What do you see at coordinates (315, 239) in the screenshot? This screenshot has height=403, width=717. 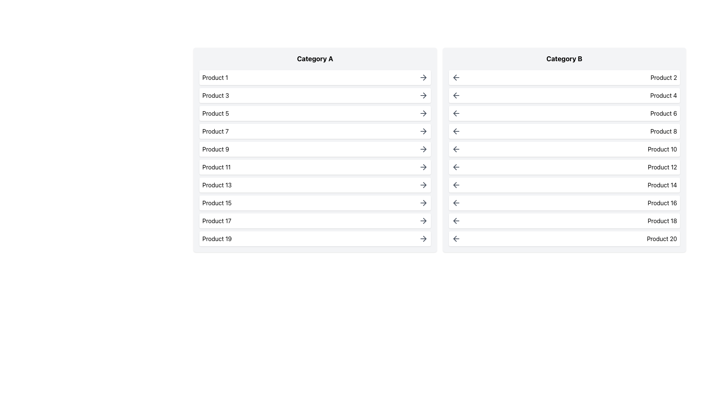 I see `the interactive list item for 'Product 19', which is the last item in the vertical list under 'Category A'` at bounding box center [315, 239].